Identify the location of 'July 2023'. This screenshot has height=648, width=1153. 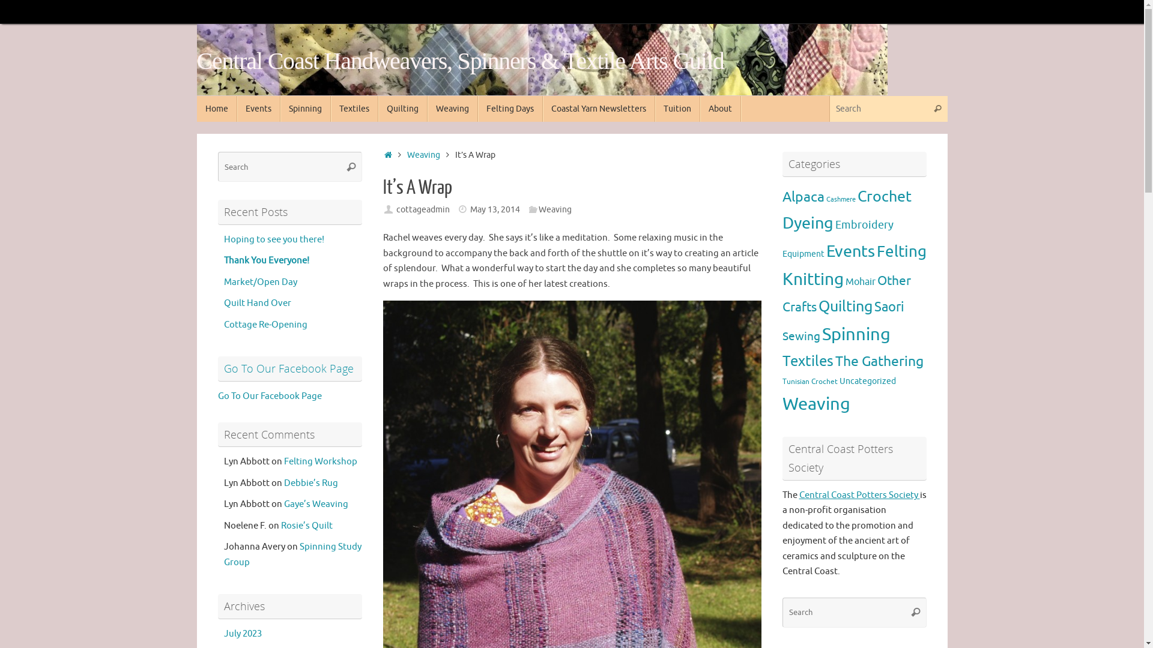
(241, 633).